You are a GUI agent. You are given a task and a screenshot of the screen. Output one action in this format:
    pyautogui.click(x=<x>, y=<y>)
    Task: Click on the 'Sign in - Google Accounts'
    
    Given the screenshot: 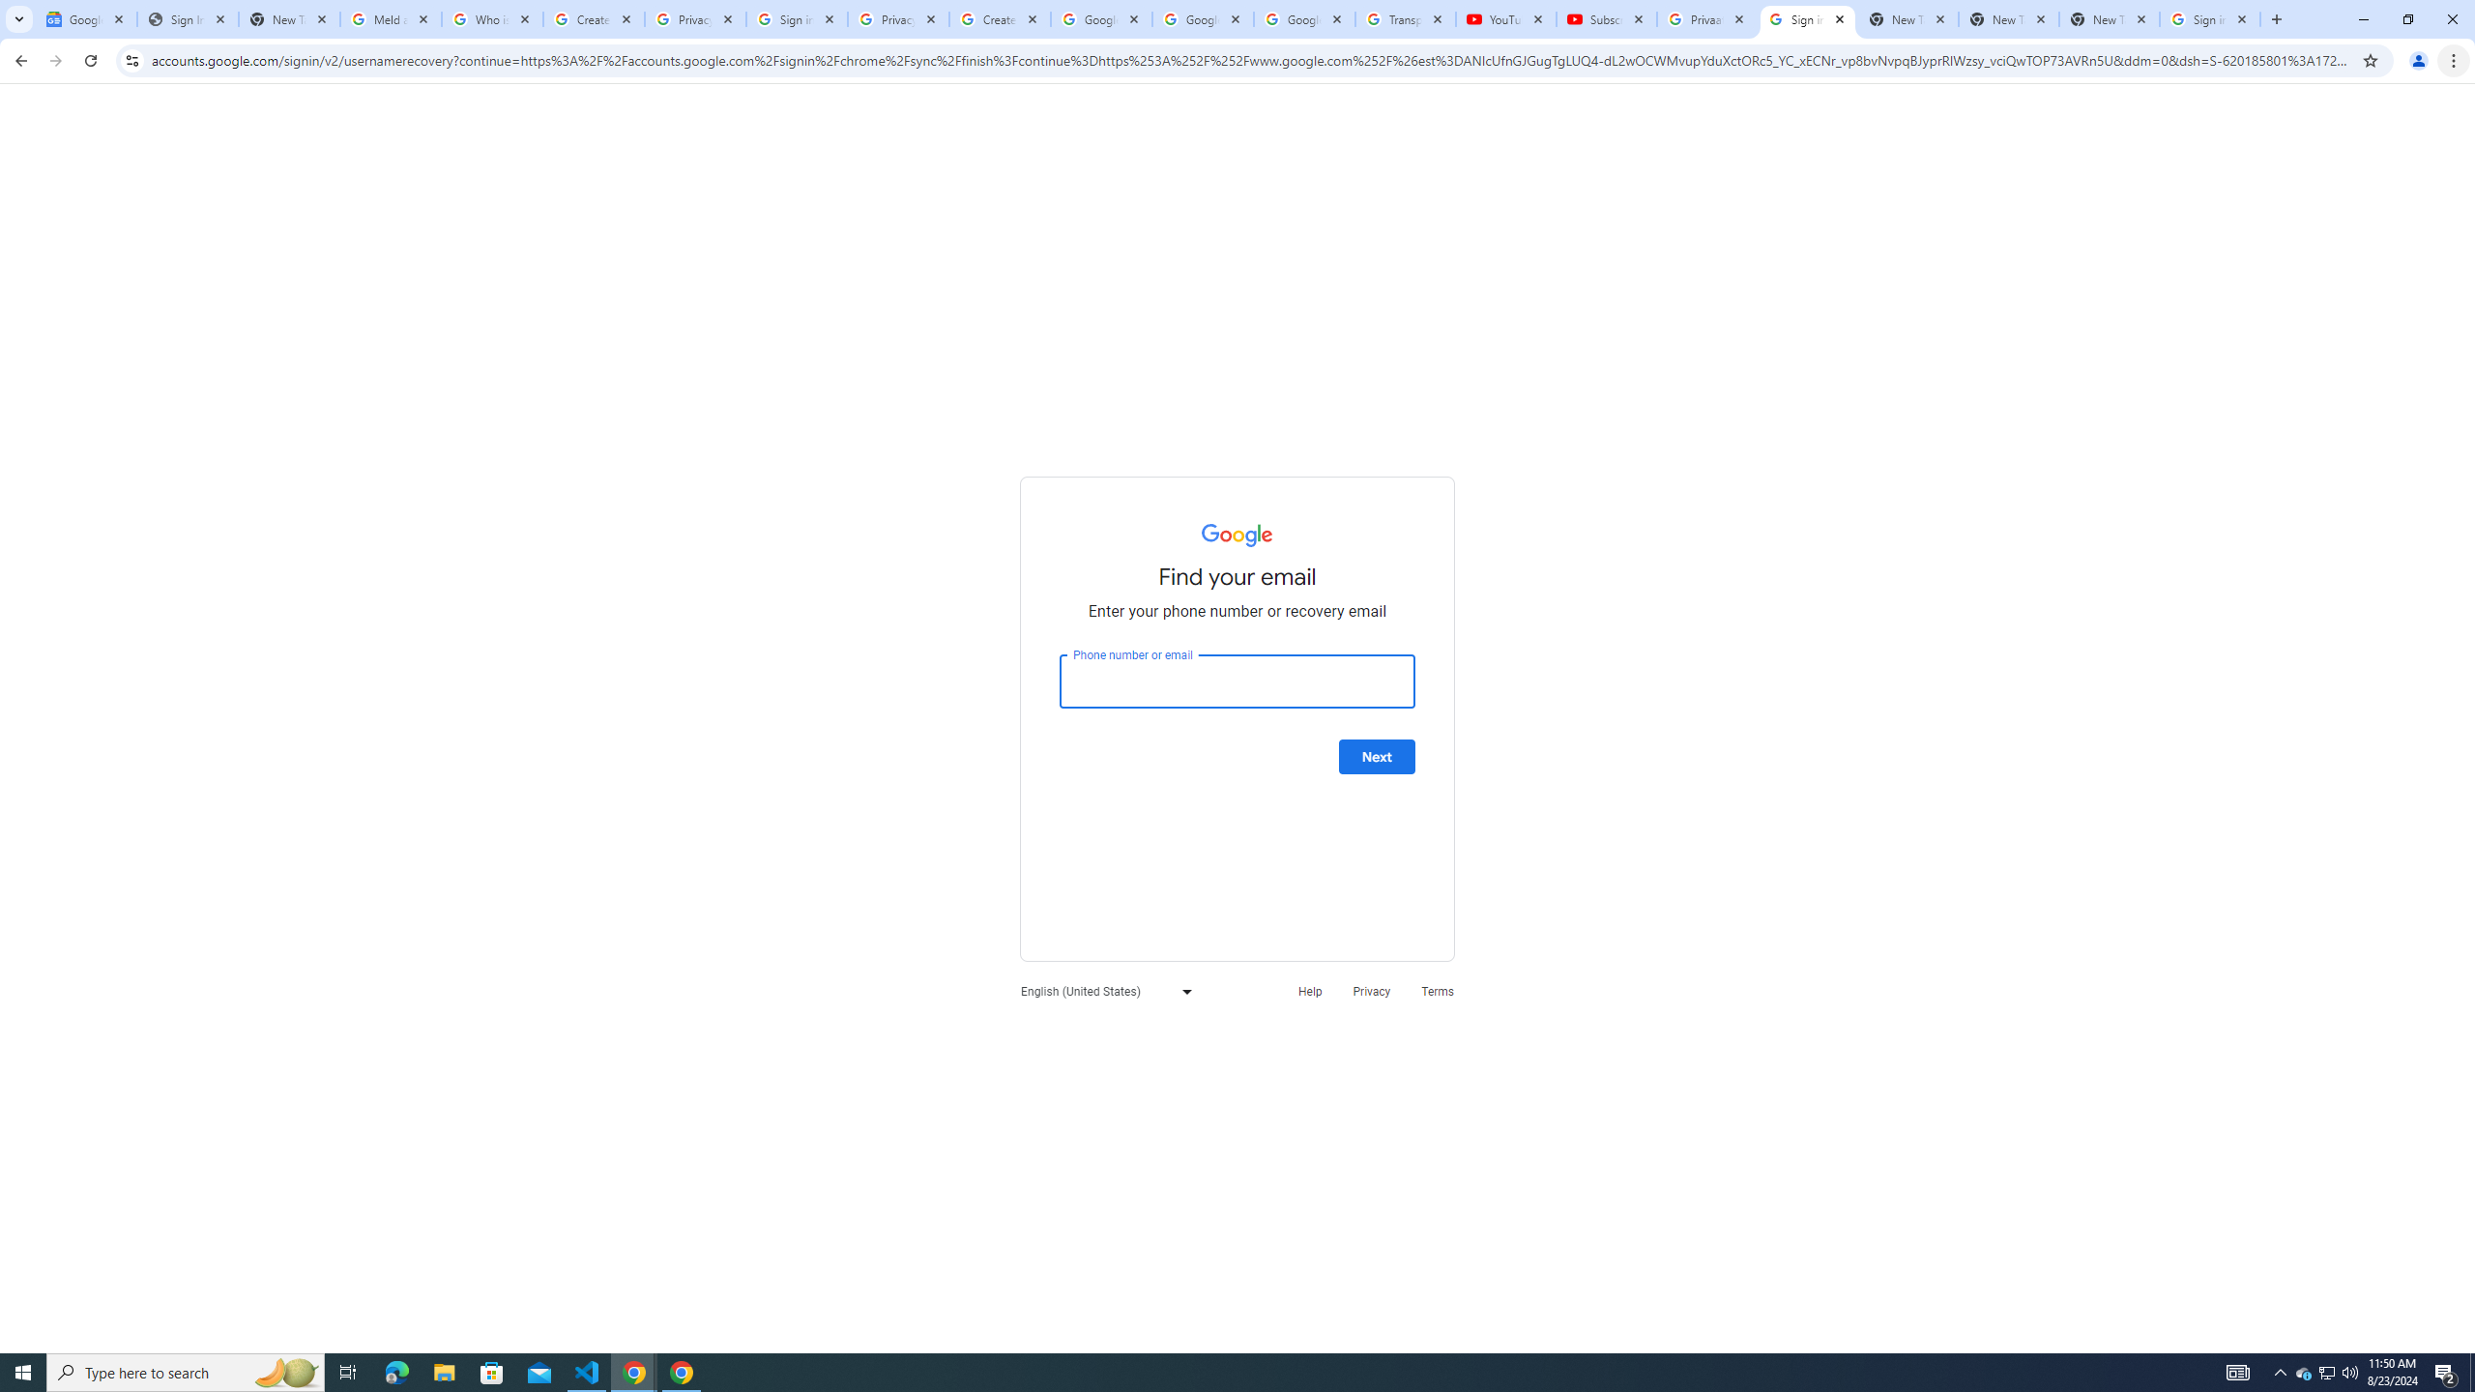 What is the action you would take?
    pyautogui.click(x=1808, y=18)
    